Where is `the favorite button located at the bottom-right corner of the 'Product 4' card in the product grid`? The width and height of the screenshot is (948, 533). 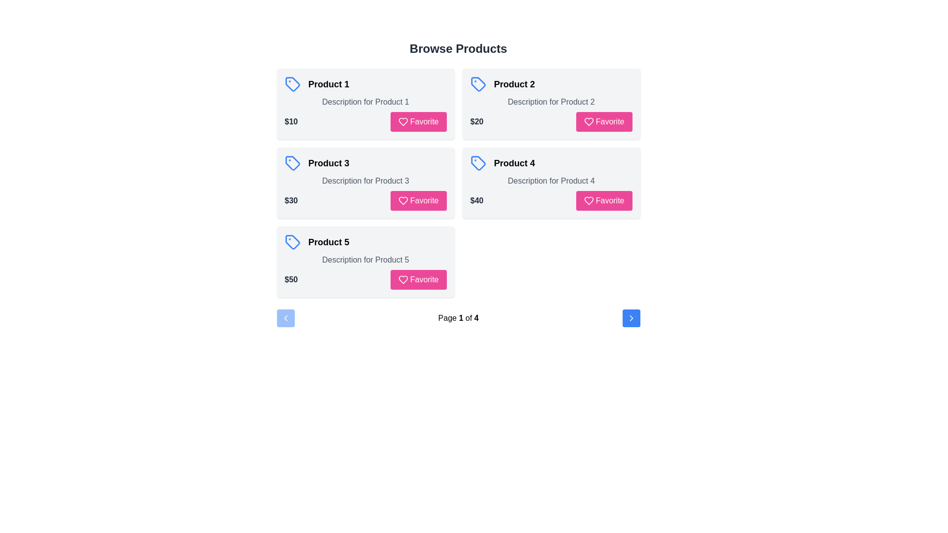
the favorite button located at the bottom-right corner of the 'Product 4' card in the product grid is located at coordinates (589, 200).